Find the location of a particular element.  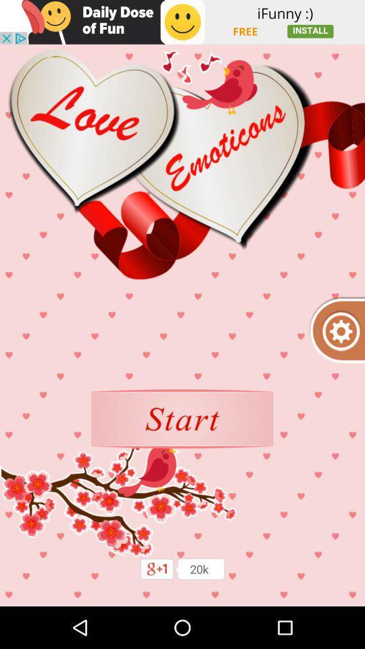

banner advertisement is located at coordinates (182, 21).